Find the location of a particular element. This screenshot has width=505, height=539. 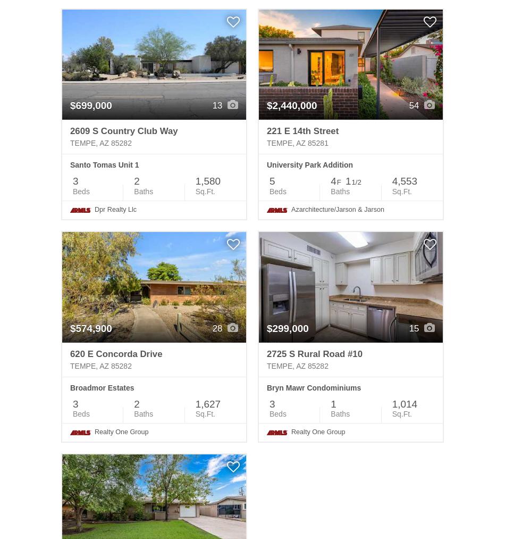

'4,553' is located at coordinates (403, 181).